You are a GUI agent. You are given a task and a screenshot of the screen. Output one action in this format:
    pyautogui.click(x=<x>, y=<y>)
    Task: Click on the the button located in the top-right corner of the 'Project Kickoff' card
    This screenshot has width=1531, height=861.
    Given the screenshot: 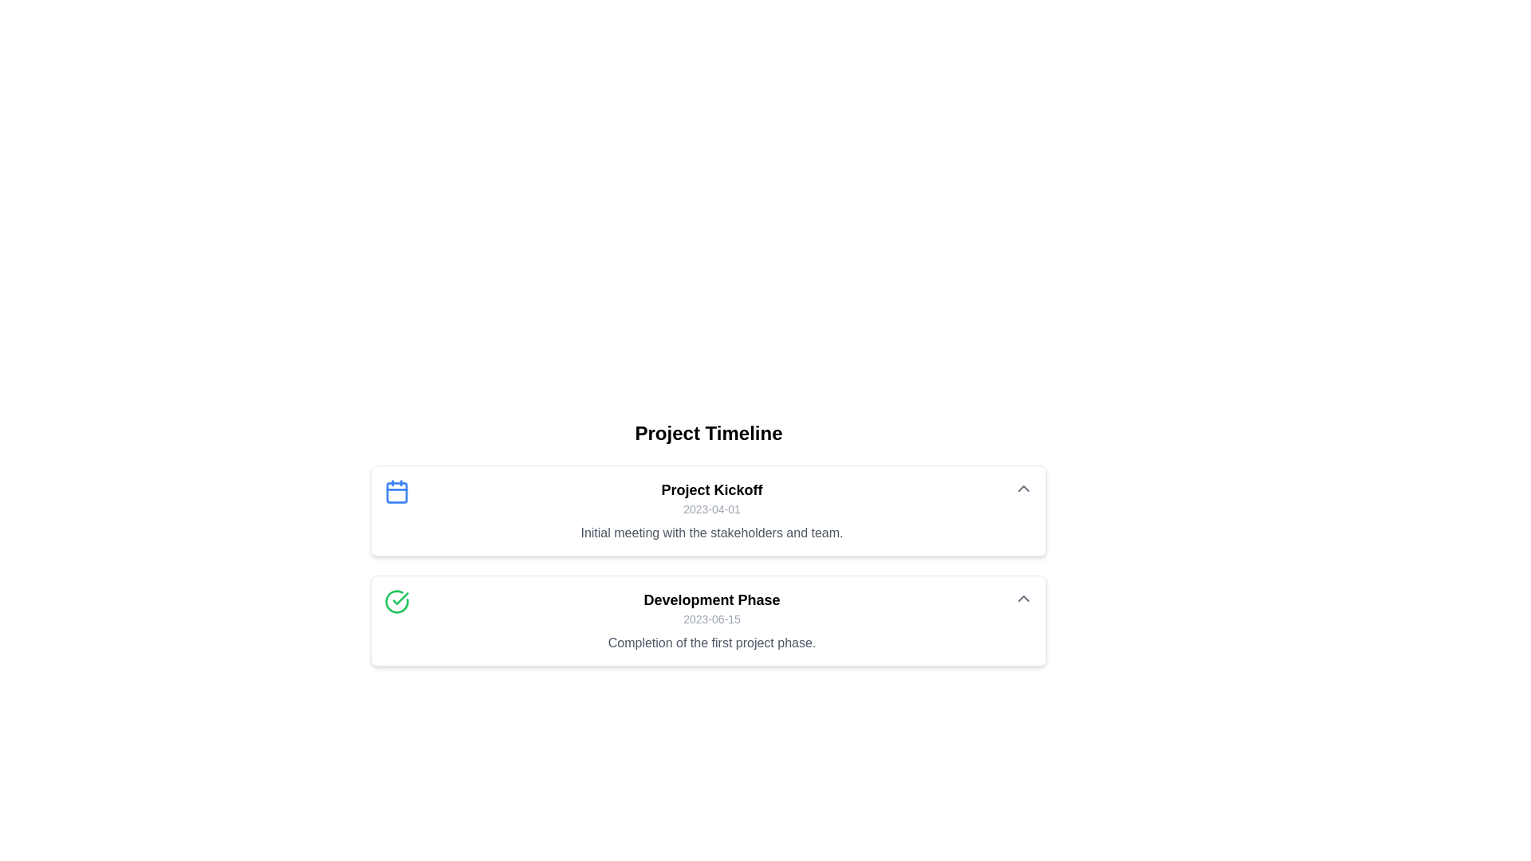 What is the action you would take?
    pyautogui.click(x=1023, y=488)
    